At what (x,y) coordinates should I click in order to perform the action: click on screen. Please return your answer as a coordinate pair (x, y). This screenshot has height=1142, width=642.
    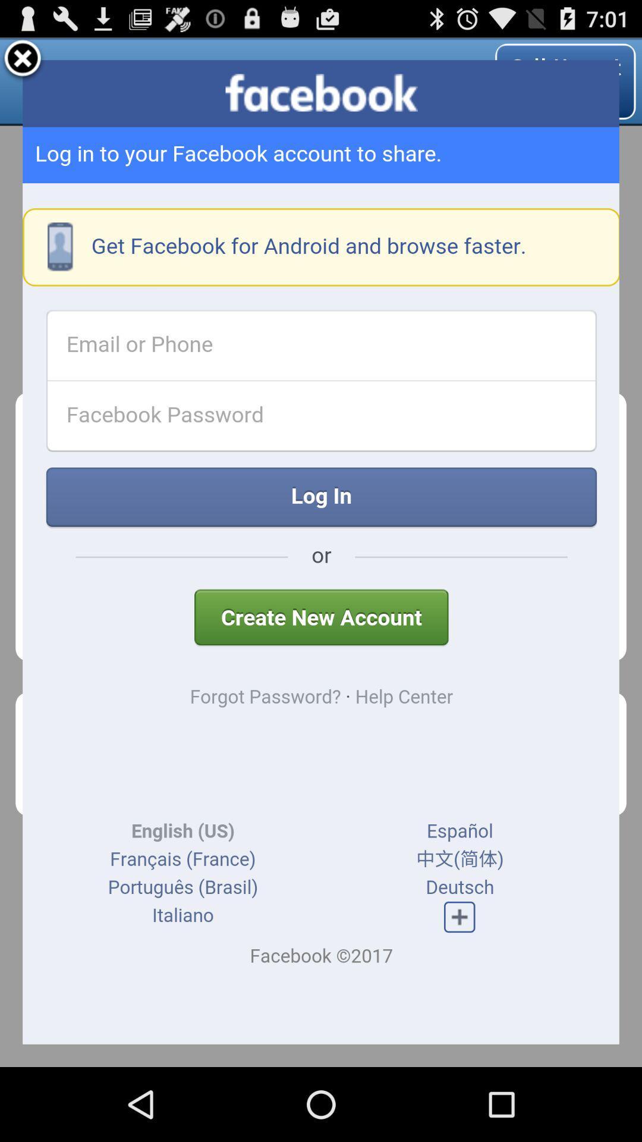
    Looking at the image, I should click on (23, 59).